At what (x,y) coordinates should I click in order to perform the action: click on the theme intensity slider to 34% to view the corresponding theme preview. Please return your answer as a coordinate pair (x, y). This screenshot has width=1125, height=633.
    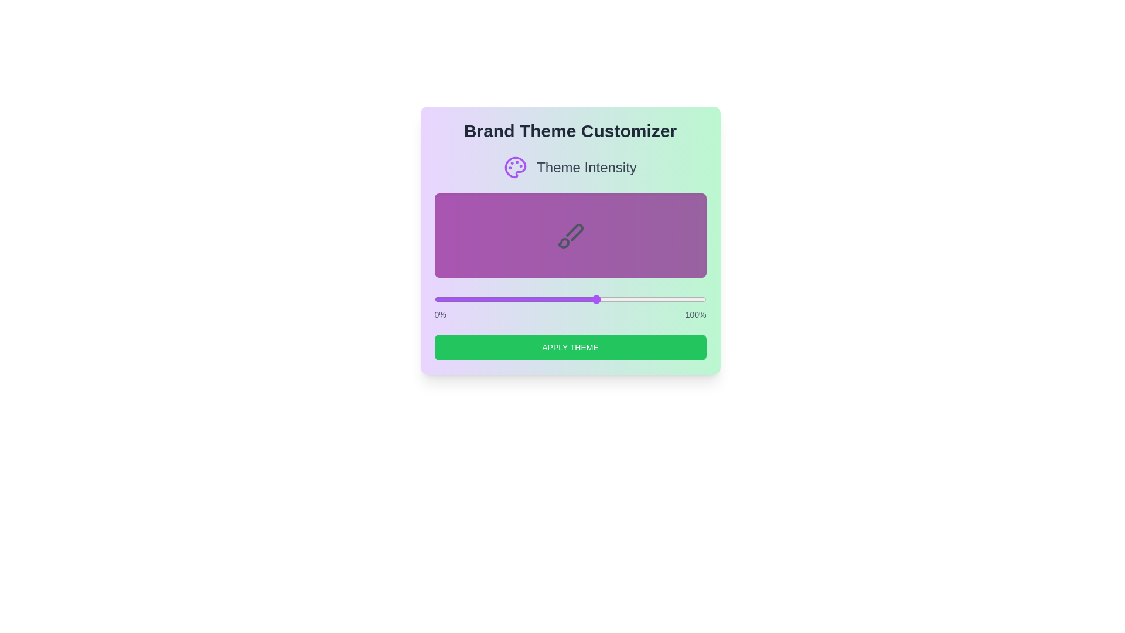
    Looking at the image, I should click on (526, 298).